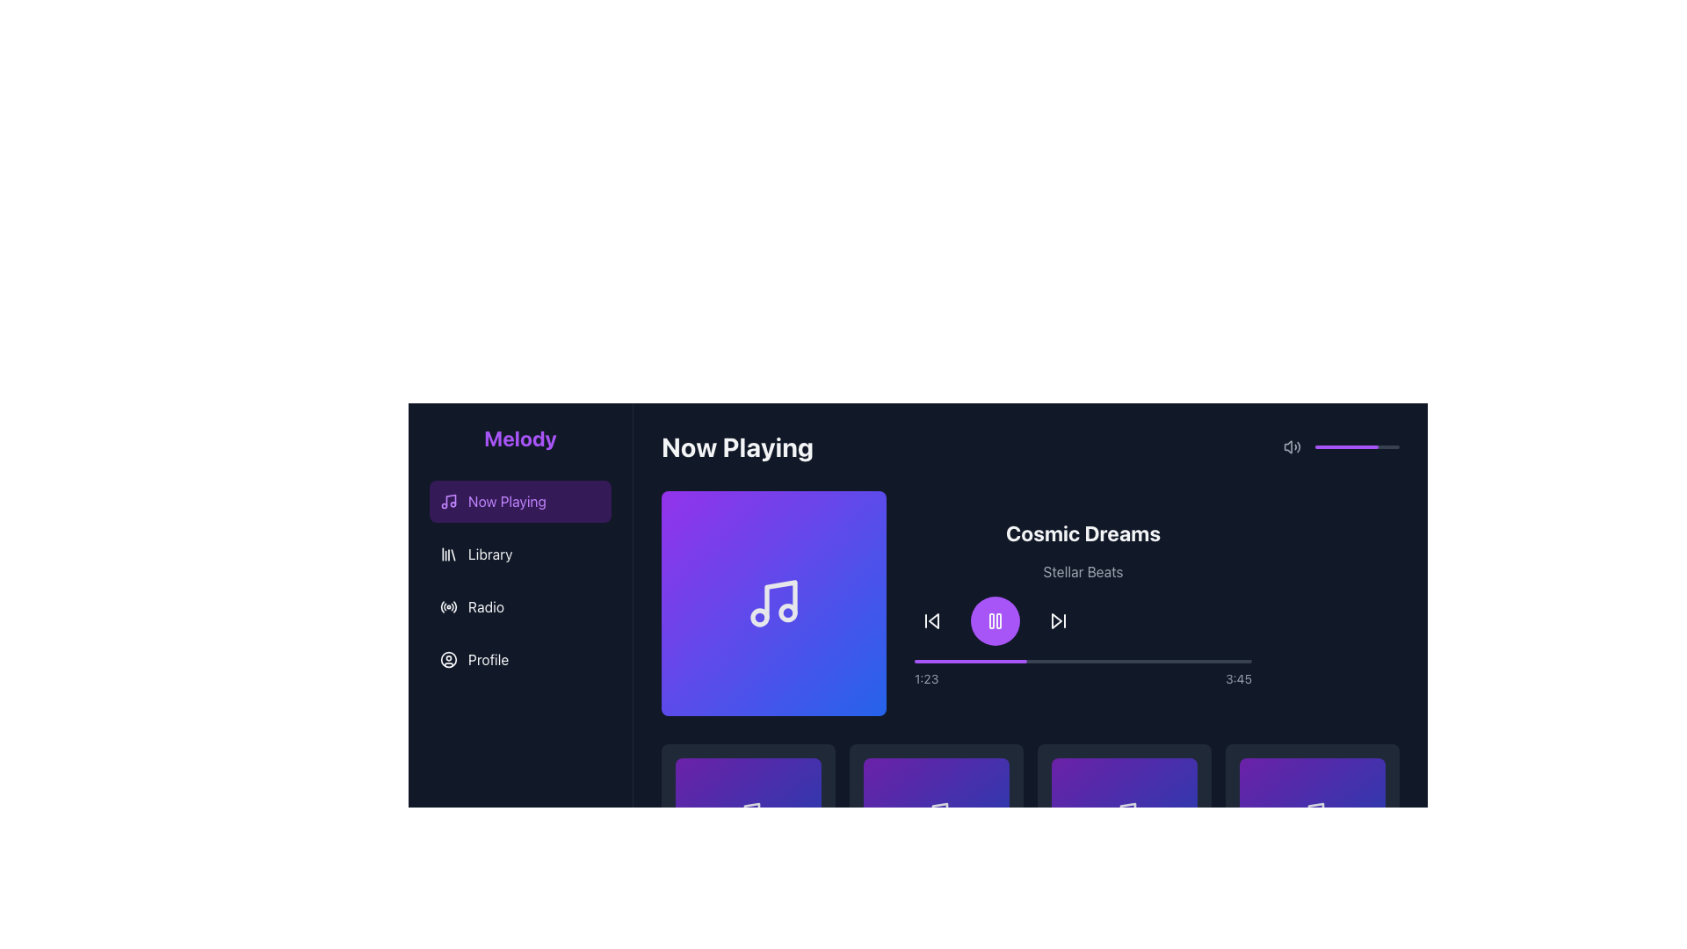  Describe the element at coordinates (1151, 661) in the screenshot. I see `media playback` at that location.